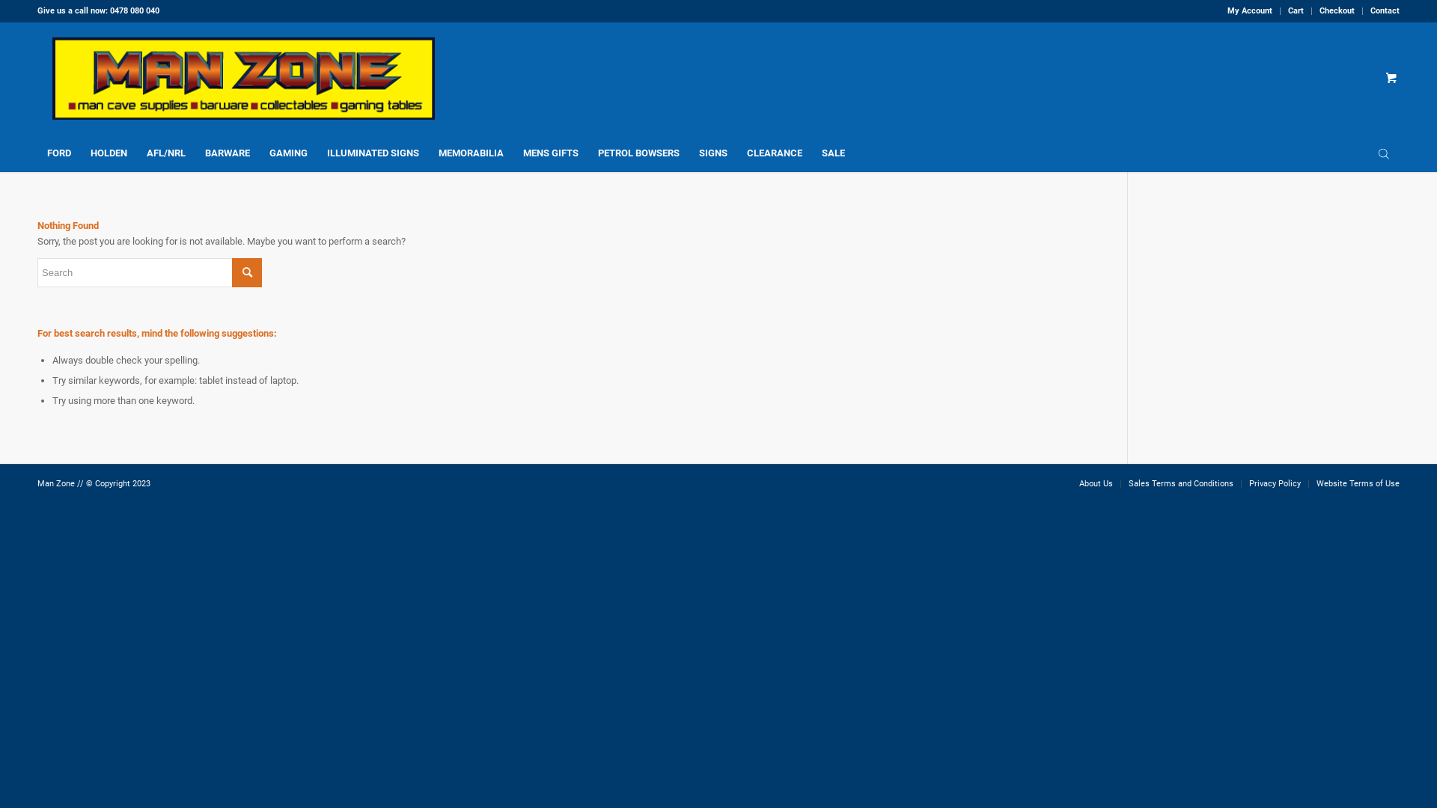  Describe the element at coordinates (638, 153) in the screenshot. I see `'PETROL BOWSERS'` at that location.